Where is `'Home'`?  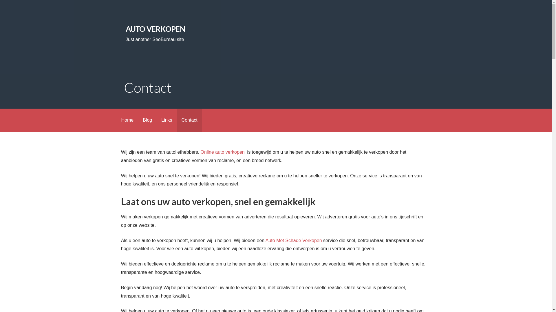
'Home' is located at coordinates (127, 120).